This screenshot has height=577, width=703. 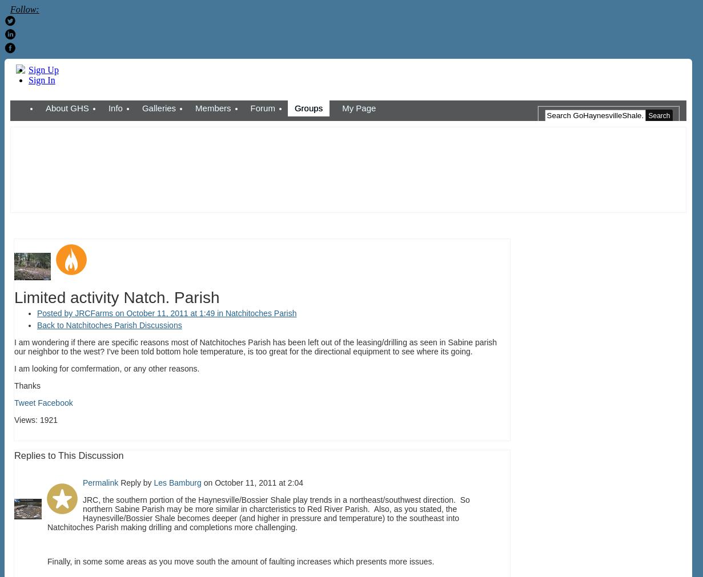 What do you see at coordinates (41, 79) in the screenshot?
I see `'Sign In'` at bounding box center [41, 79].